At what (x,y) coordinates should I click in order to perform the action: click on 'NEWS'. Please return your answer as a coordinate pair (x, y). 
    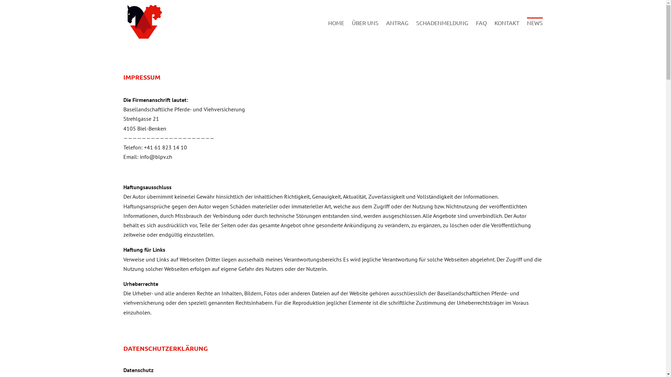
    Looking at the image, I should click on (527, 31).